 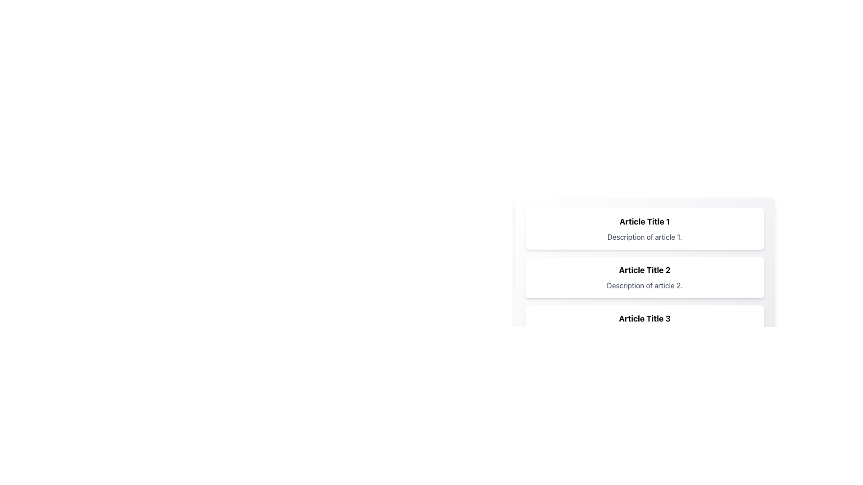 What do you see at coordinates (644, 269) in the screenshot?
I see `title text of the second article located in the middle of the page within the second card of the article list` at bounding box center [644, 269].